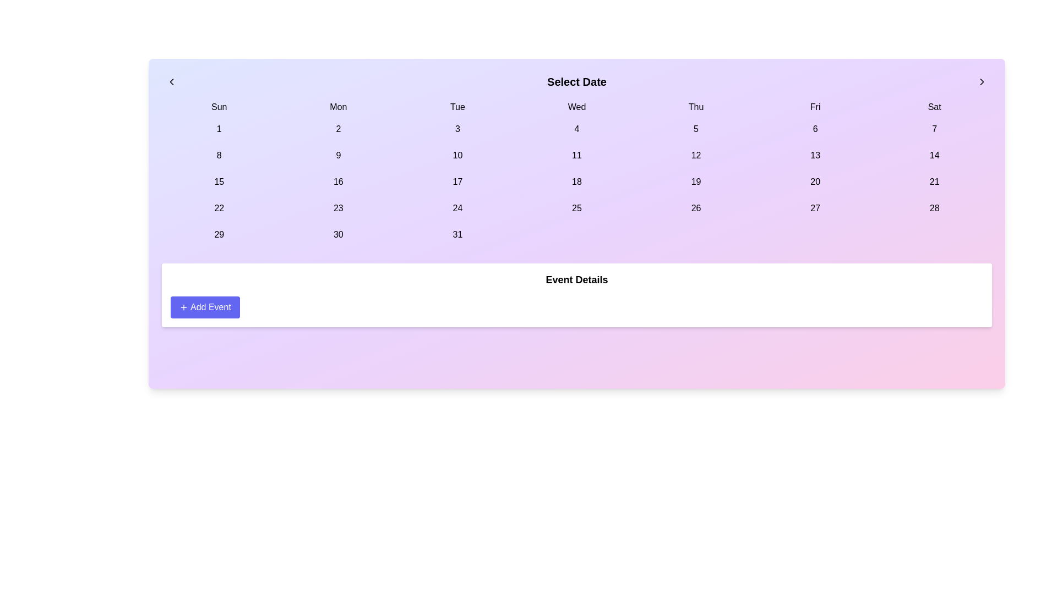 This screenshot has width=1057, height=594. I want to click on the square-shaped button displaying the number '9' located in the calendar grid under the 'Select Date' header, so click(337, 155).